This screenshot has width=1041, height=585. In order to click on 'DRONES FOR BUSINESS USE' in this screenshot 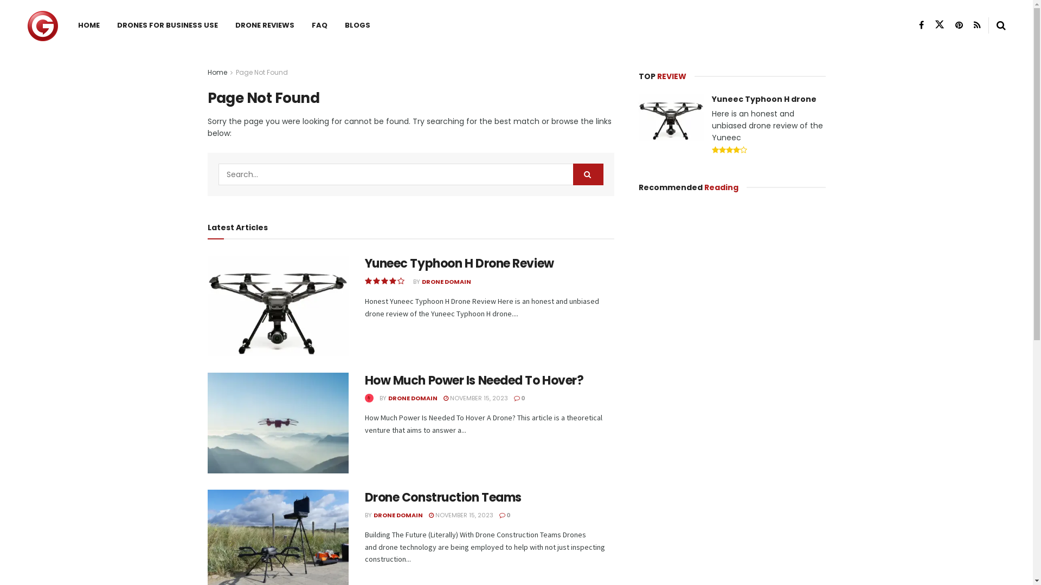, I will do `click(166, 24)`.